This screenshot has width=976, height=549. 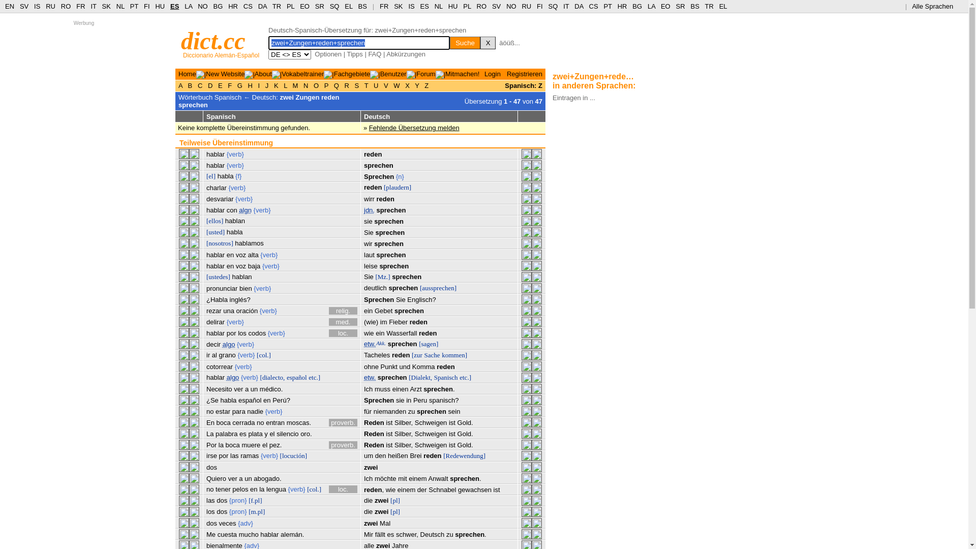 I want to click on '[m.pl]', so click(x=256, y=511).